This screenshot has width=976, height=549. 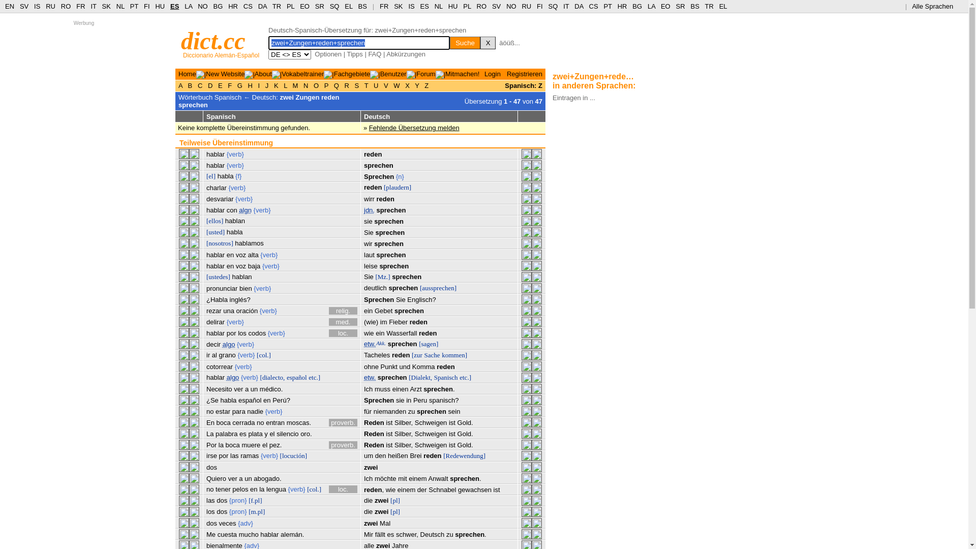 I want to click on '[m.pl]', so click(x=256, y=511).